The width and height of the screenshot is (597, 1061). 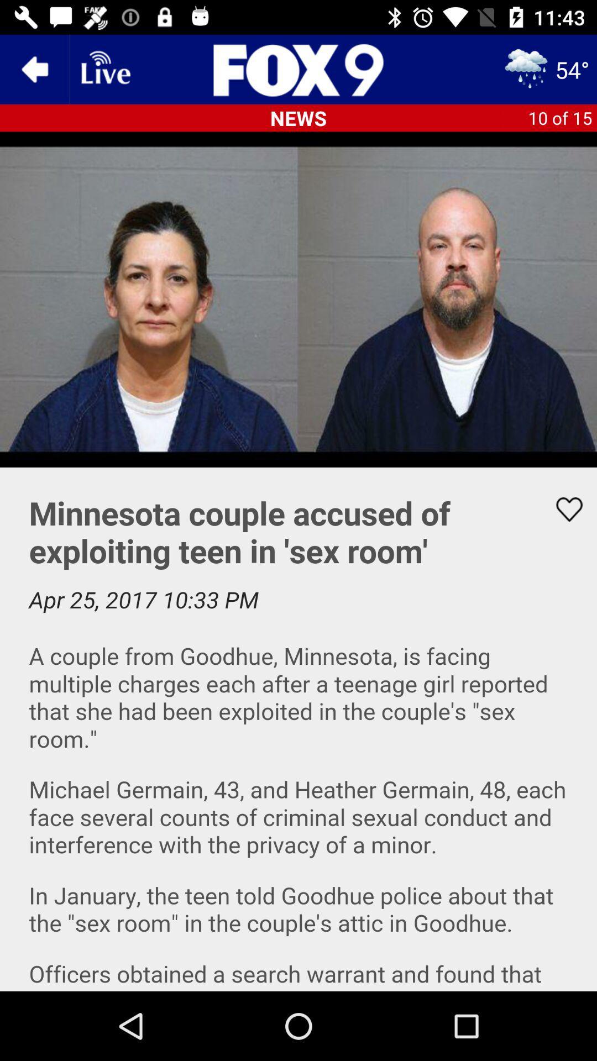 What do you see at coordinates (298, 69) in the screenshot?
I see `main page` at bounding box center [298, 69].